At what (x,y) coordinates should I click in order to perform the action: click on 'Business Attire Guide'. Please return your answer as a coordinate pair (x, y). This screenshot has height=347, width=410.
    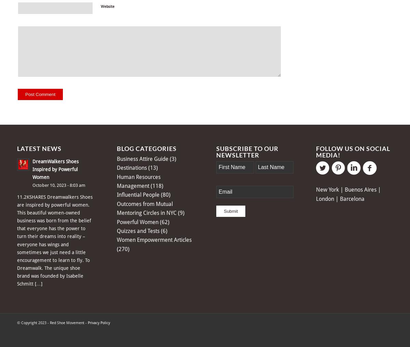
    Looking at the image, I should click on (117, 158).